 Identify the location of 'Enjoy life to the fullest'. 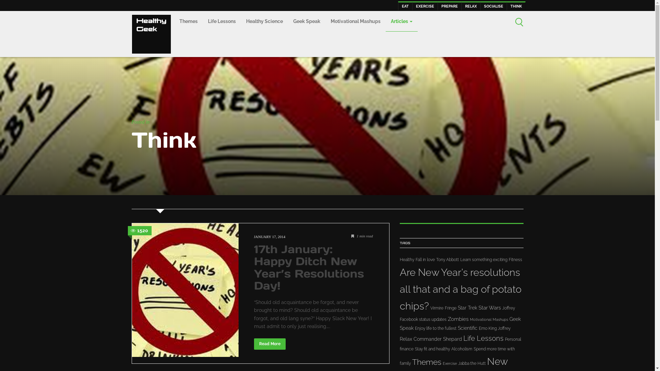
(414, 328).